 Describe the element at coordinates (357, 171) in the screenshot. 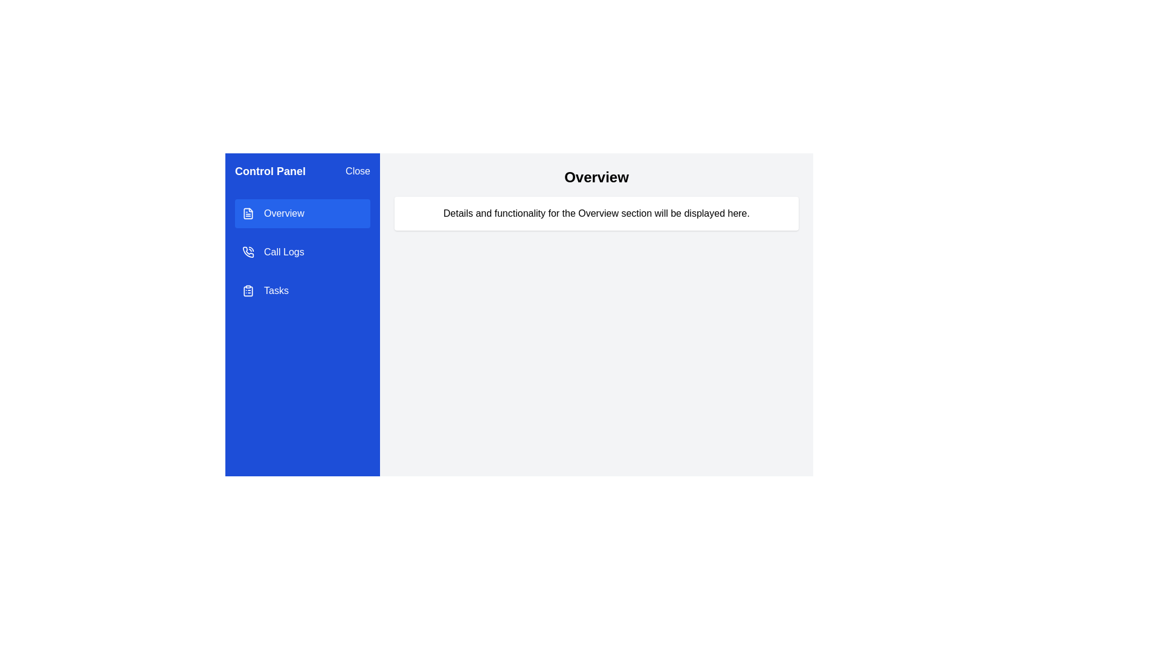

I see `close button in the drawer to close it` at that location.